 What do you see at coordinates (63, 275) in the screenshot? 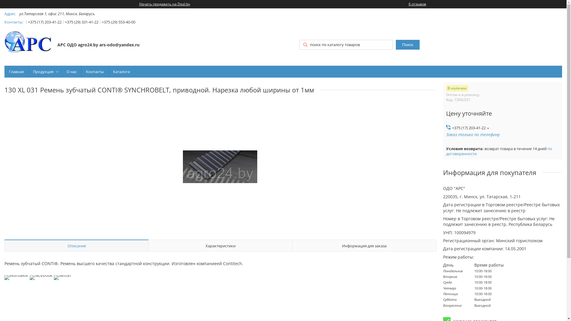
I see `'twitter'` at bounding box center [63, 275].